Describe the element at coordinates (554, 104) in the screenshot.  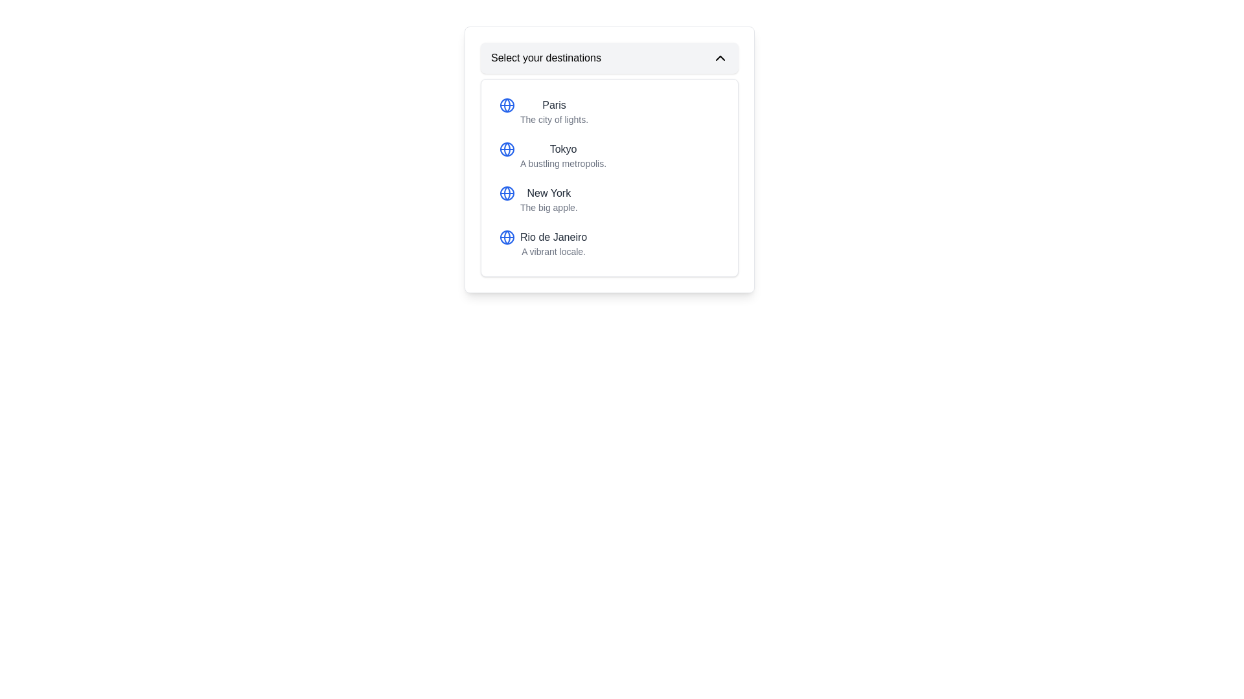
I see `the text label displaying 'Paris' located at the top of the dropdown menu` at that location.